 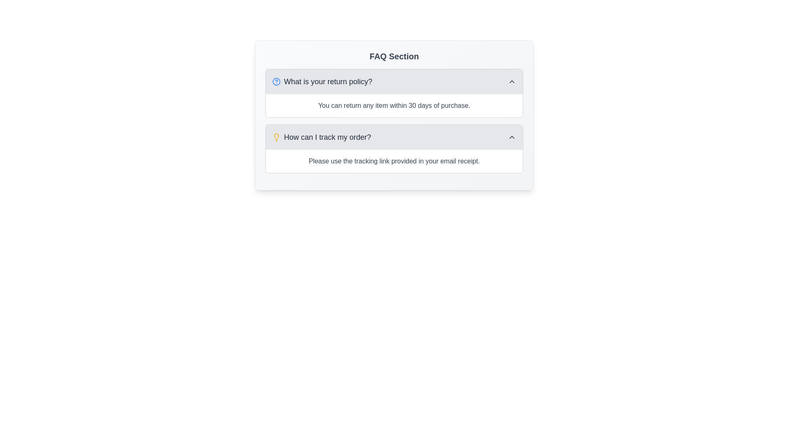 I want to click on the Accordion Header labeled 'What is your return policy?', so click(x=393, y=81).